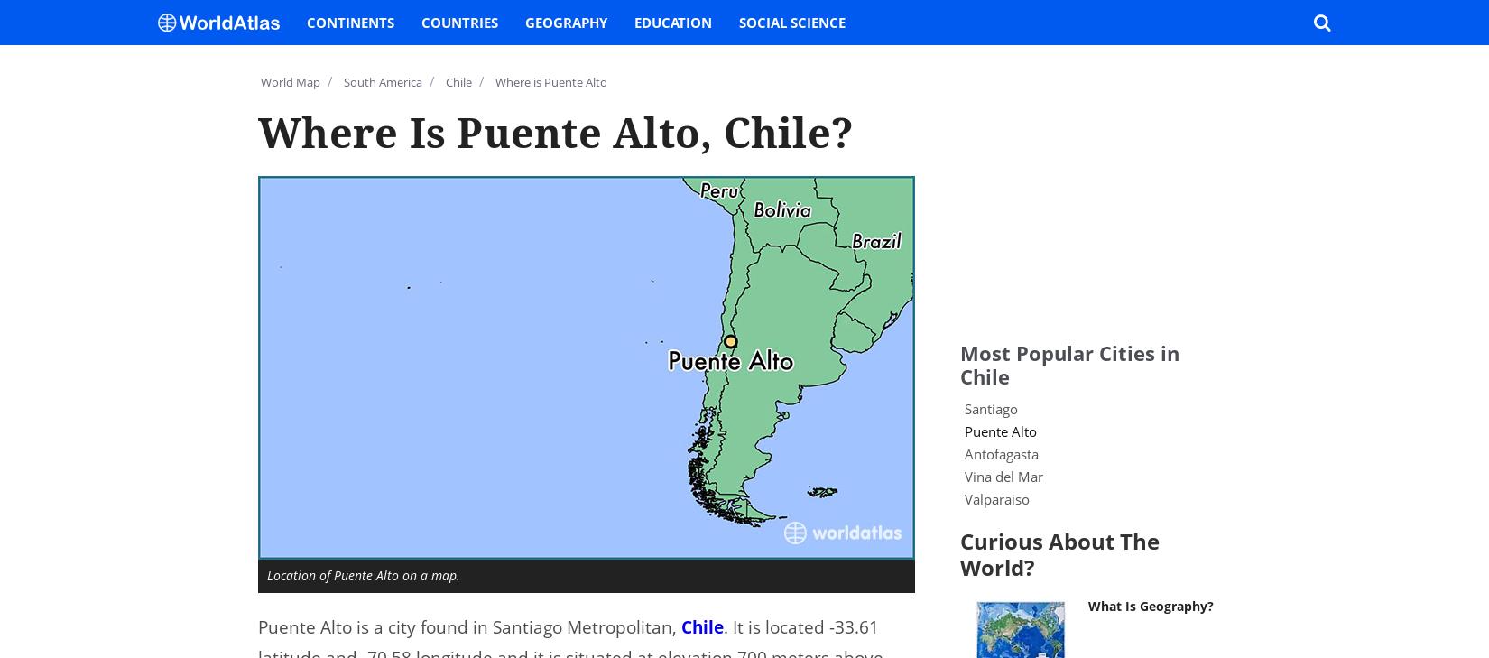  I want to click on 'South America', so click(381, 80).